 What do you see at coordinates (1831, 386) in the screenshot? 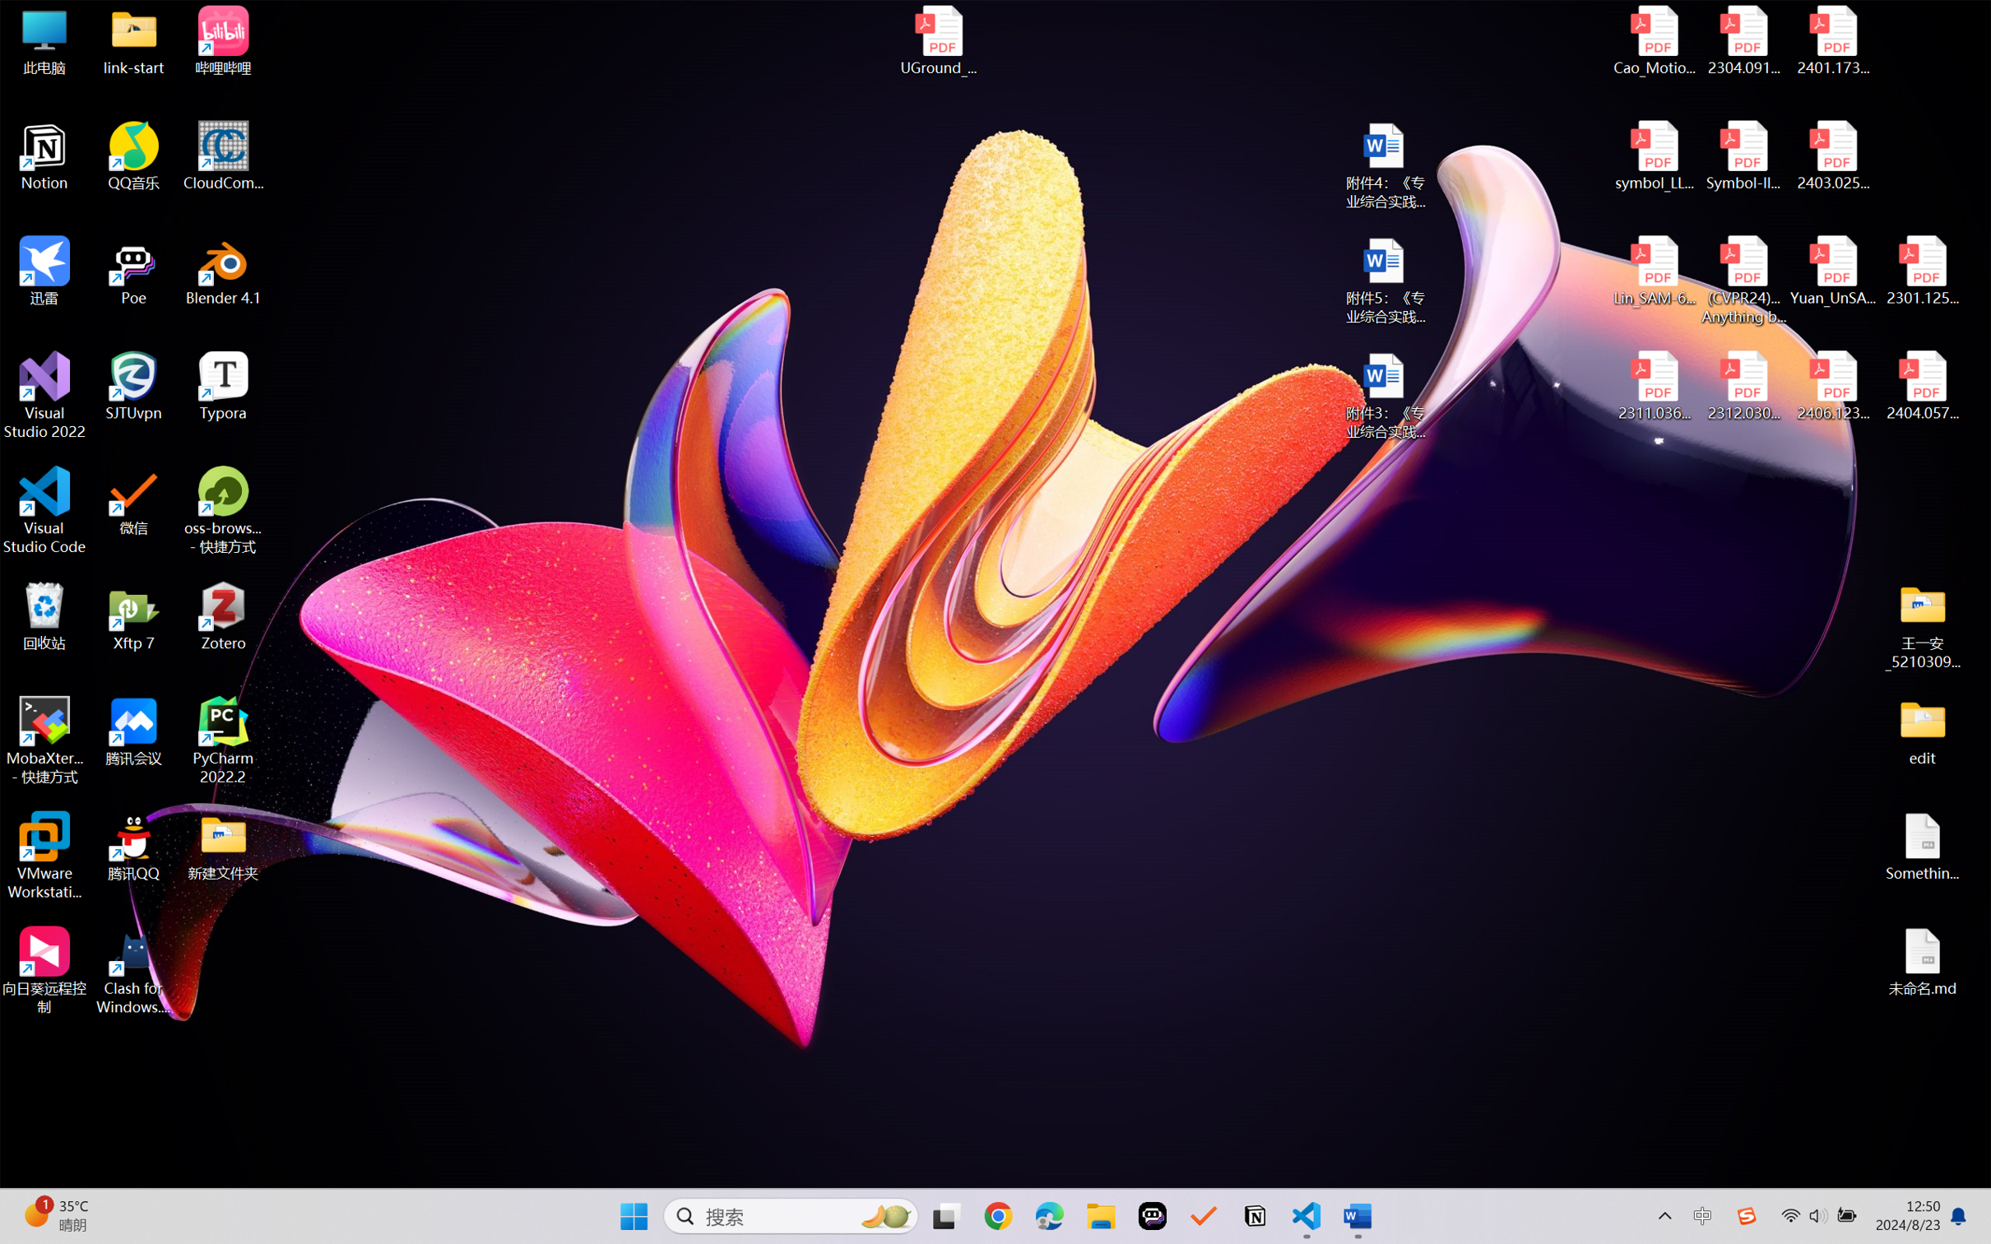
I see `'2406.12373v2.pdf'` at bounding box center [1831, 386].